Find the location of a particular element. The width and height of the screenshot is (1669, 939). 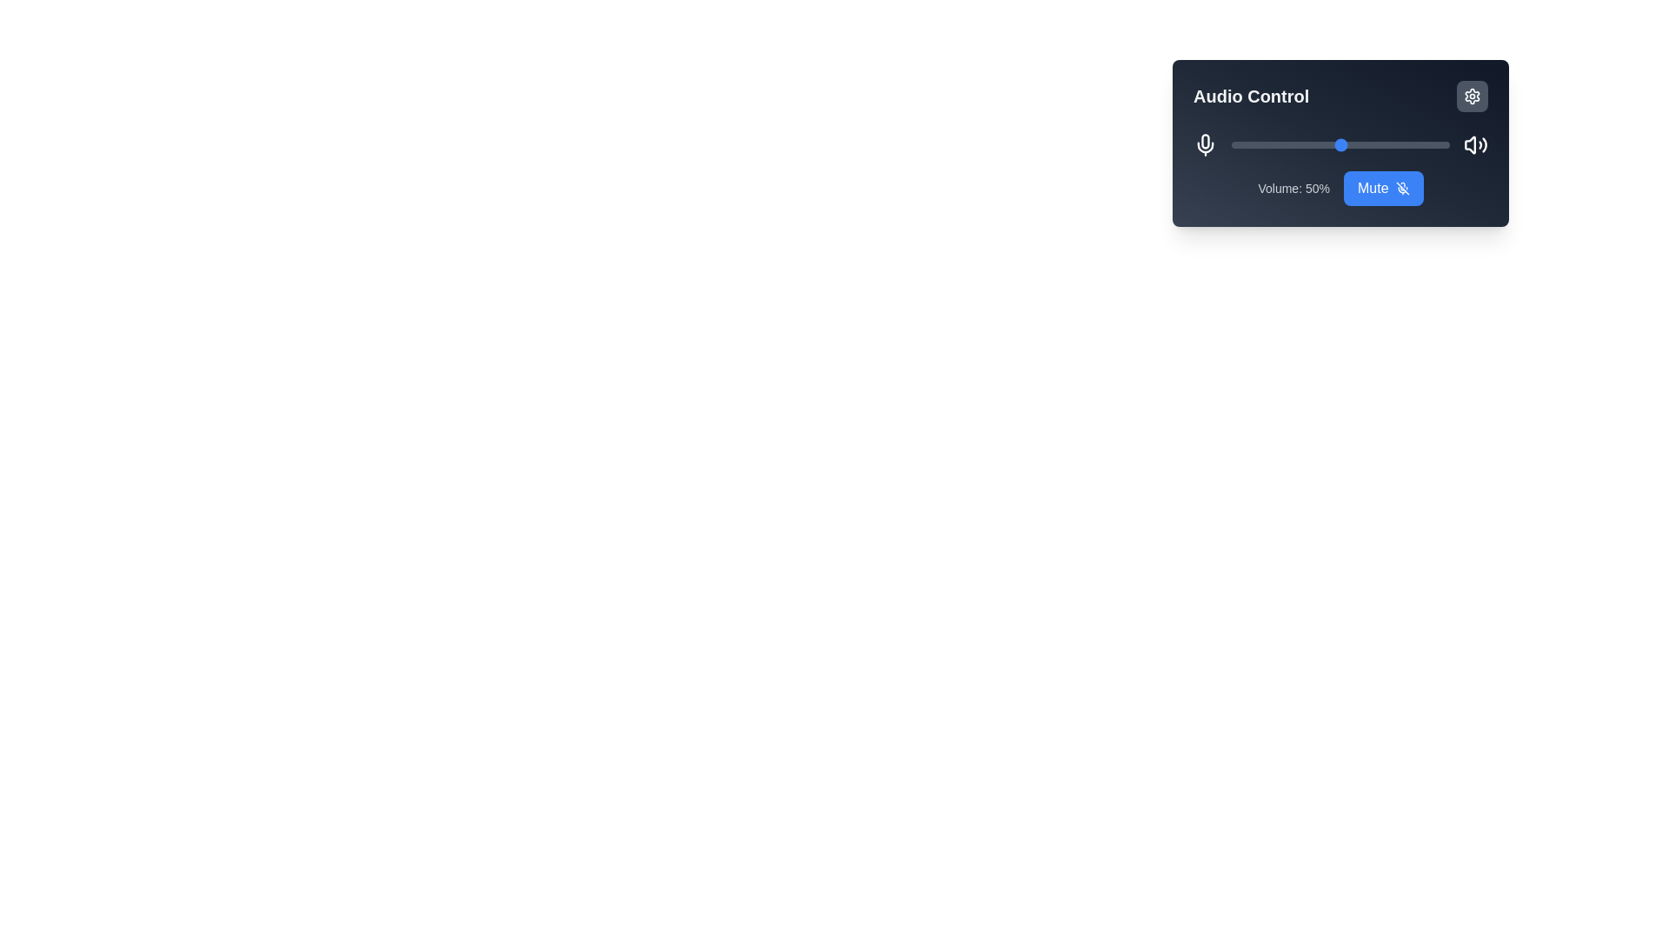

the 'Mute' button located next to the text label 'Volume: 50%' in the blue rounded rectangle at the bottom section of the audio control panel is located at coordinates (1340, 188).